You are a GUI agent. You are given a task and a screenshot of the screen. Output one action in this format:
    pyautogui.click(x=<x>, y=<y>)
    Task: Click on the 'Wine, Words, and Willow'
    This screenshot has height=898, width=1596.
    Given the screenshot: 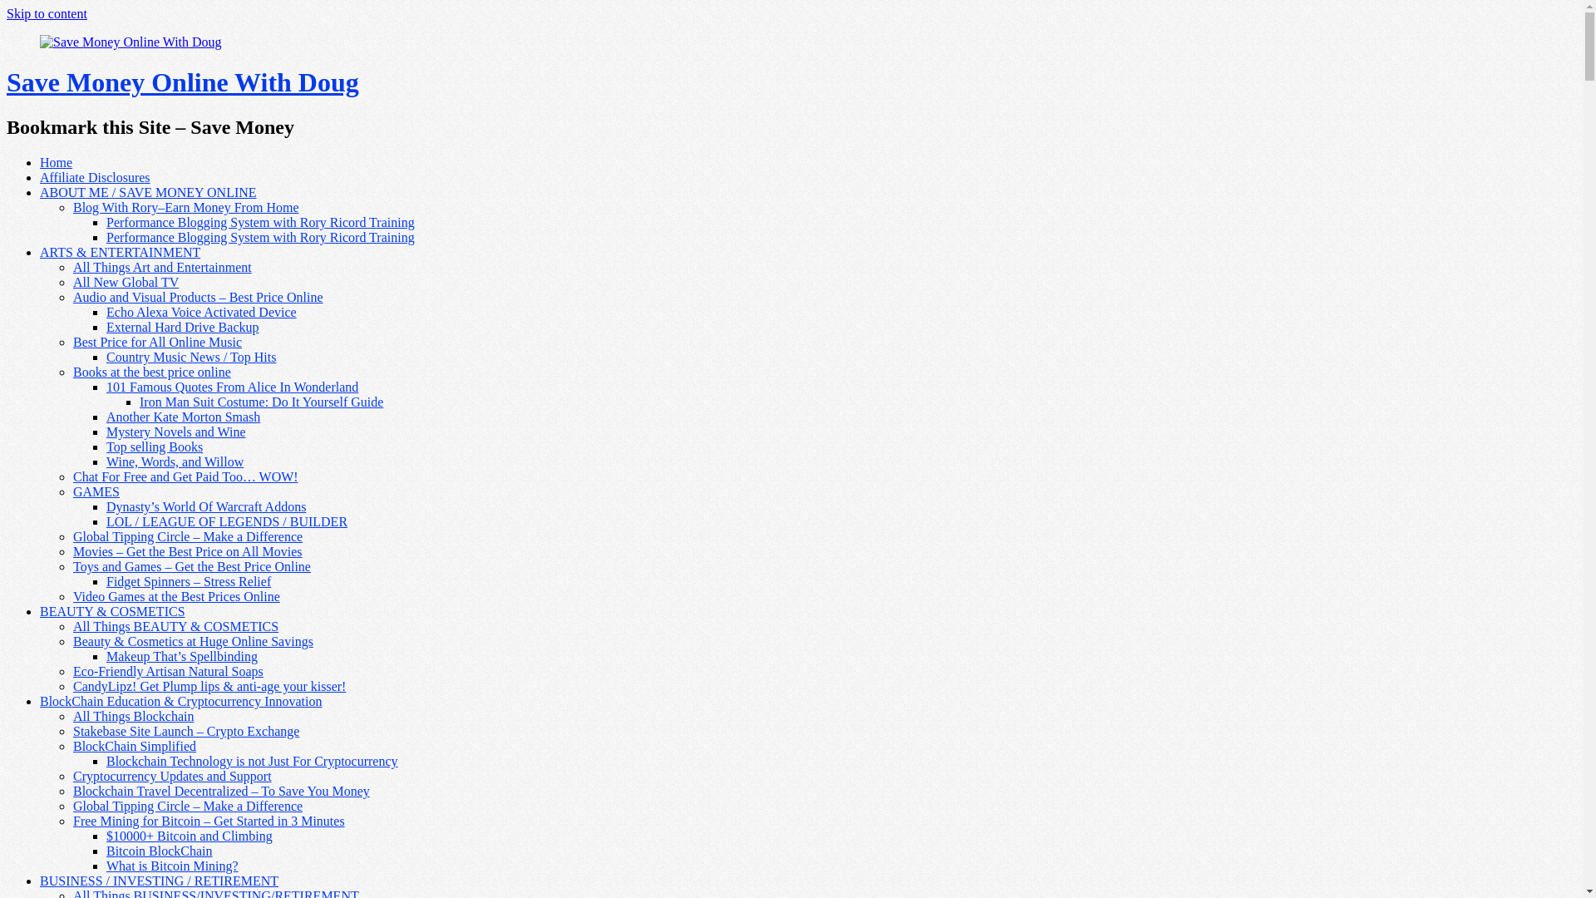 What is the action you would take?
    pyautogui.click(x=106, y=461)
    